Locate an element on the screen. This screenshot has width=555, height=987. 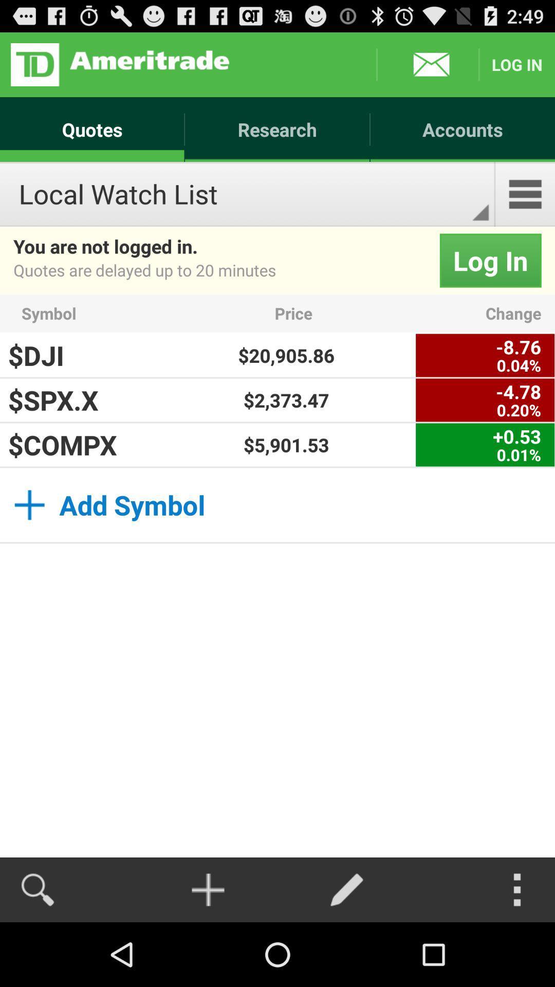
the item next to local watch list item is located at coordinates (525, 194).